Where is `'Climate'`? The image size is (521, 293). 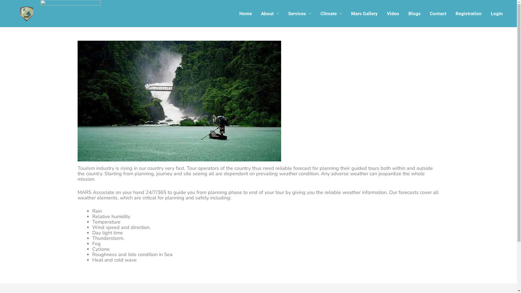
'Climate' is located at coordinates (331, 13).